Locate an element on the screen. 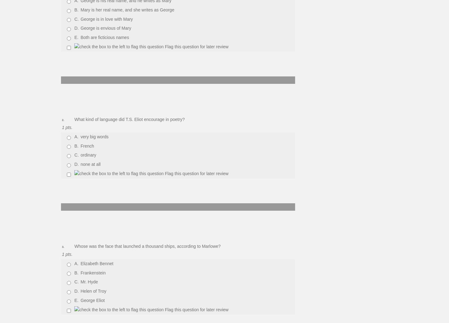 This screenshot has width=449, height=323. 'Whose was the face that launched a thousand ships, according to Marlowe?' is located at coordinates (147, 246).